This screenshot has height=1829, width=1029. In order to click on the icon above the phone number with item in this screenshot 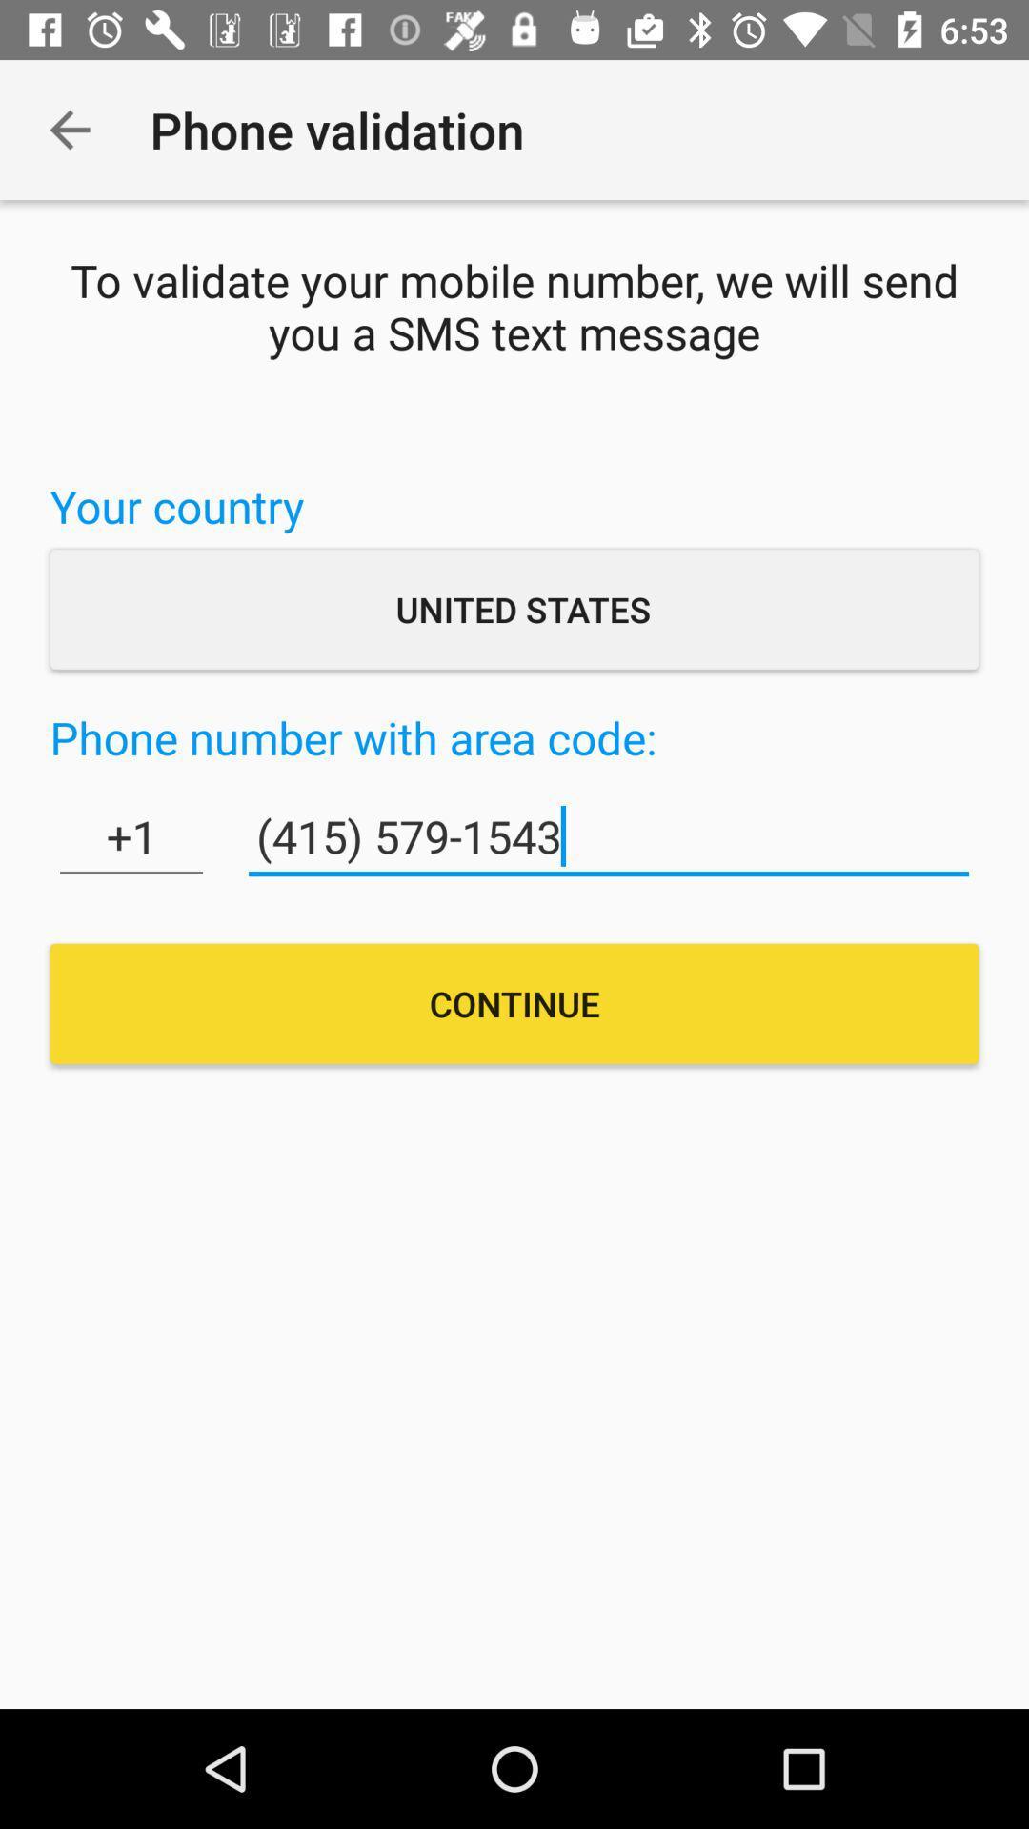, I will do `click(514, 608)`.